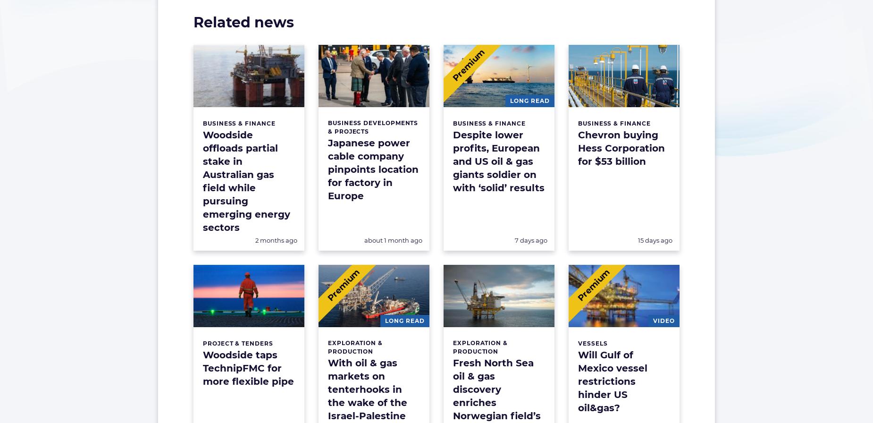 This screenshot has height=423, width=873. What do you see at coordinates (373, 169) in the screenshot?
I see `'Japanese power cable company pinpoints location for factory in Europe'` at bounding box center [373, 169].